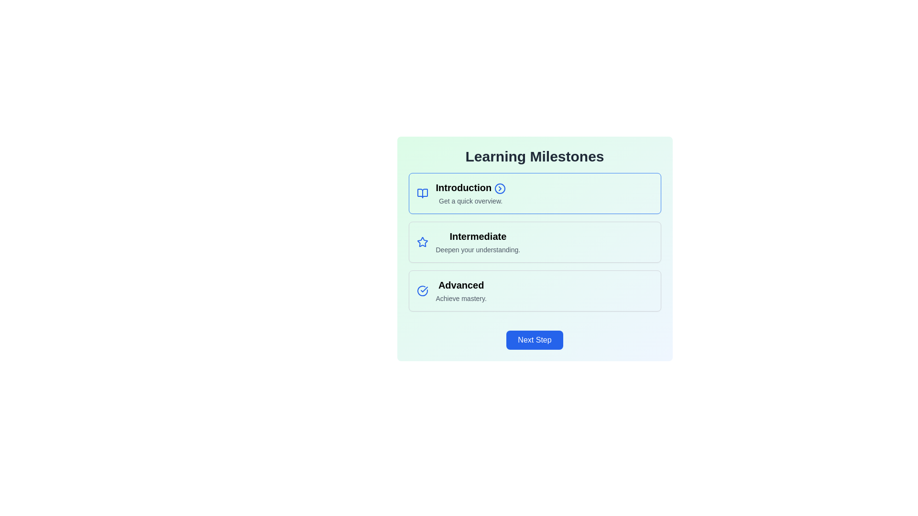  Describe the element at coordinates (477, 249) in the screenshot. I see `the textual component displaying 'Deepen your understanding.' to interact with any potential interactive elements in that area` at that location.